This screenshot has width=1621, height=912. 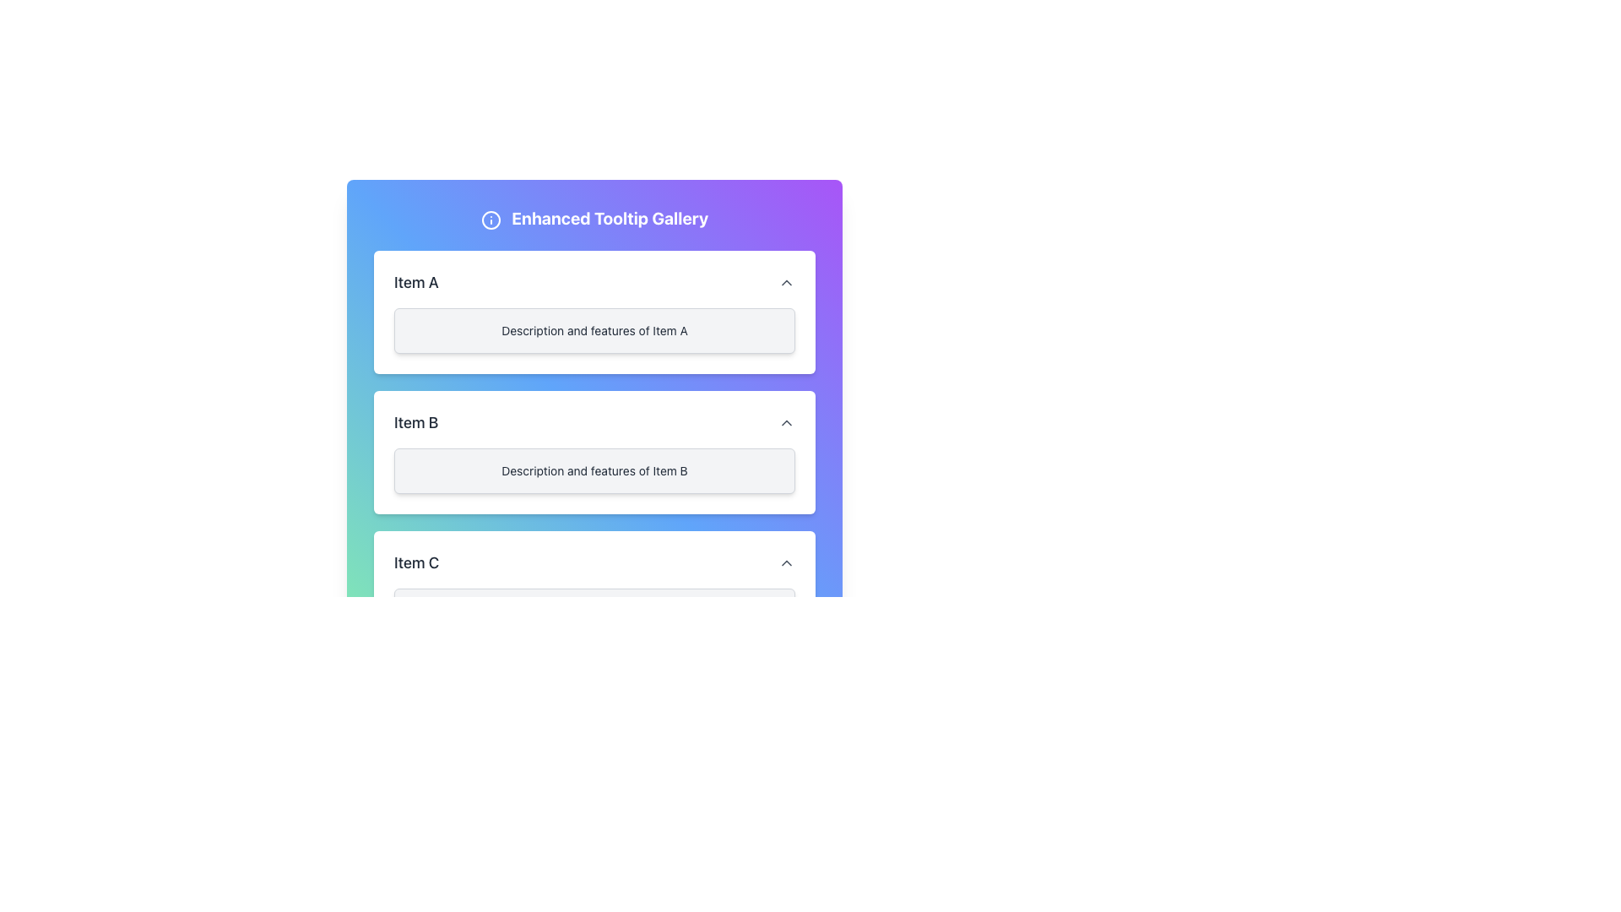 What do you see at coordinates (416, 563) in the screenshot?
I see `the text element 'Item C' which is in the third card from the top in a vertically stacked list, positioned to the left beside an interactive button and an arrow icon` at bounding box center [416, 563].